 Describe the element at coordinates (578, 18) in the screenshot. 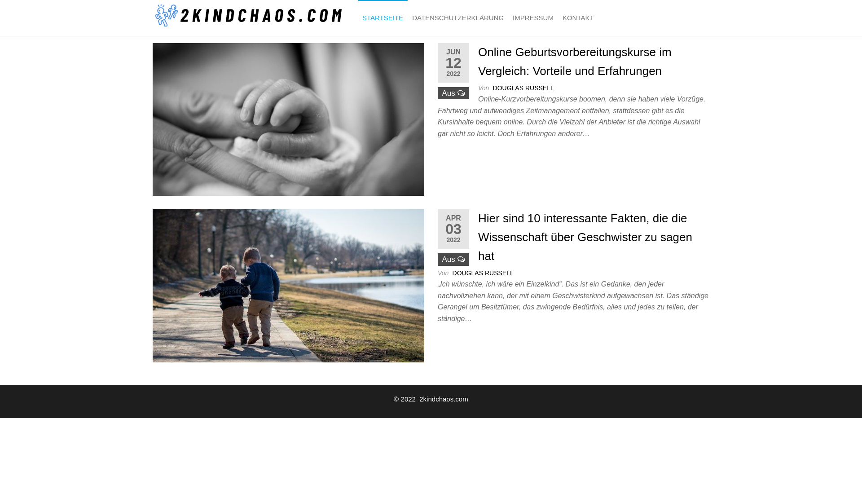

I see `'KONTAKT'` at that location.